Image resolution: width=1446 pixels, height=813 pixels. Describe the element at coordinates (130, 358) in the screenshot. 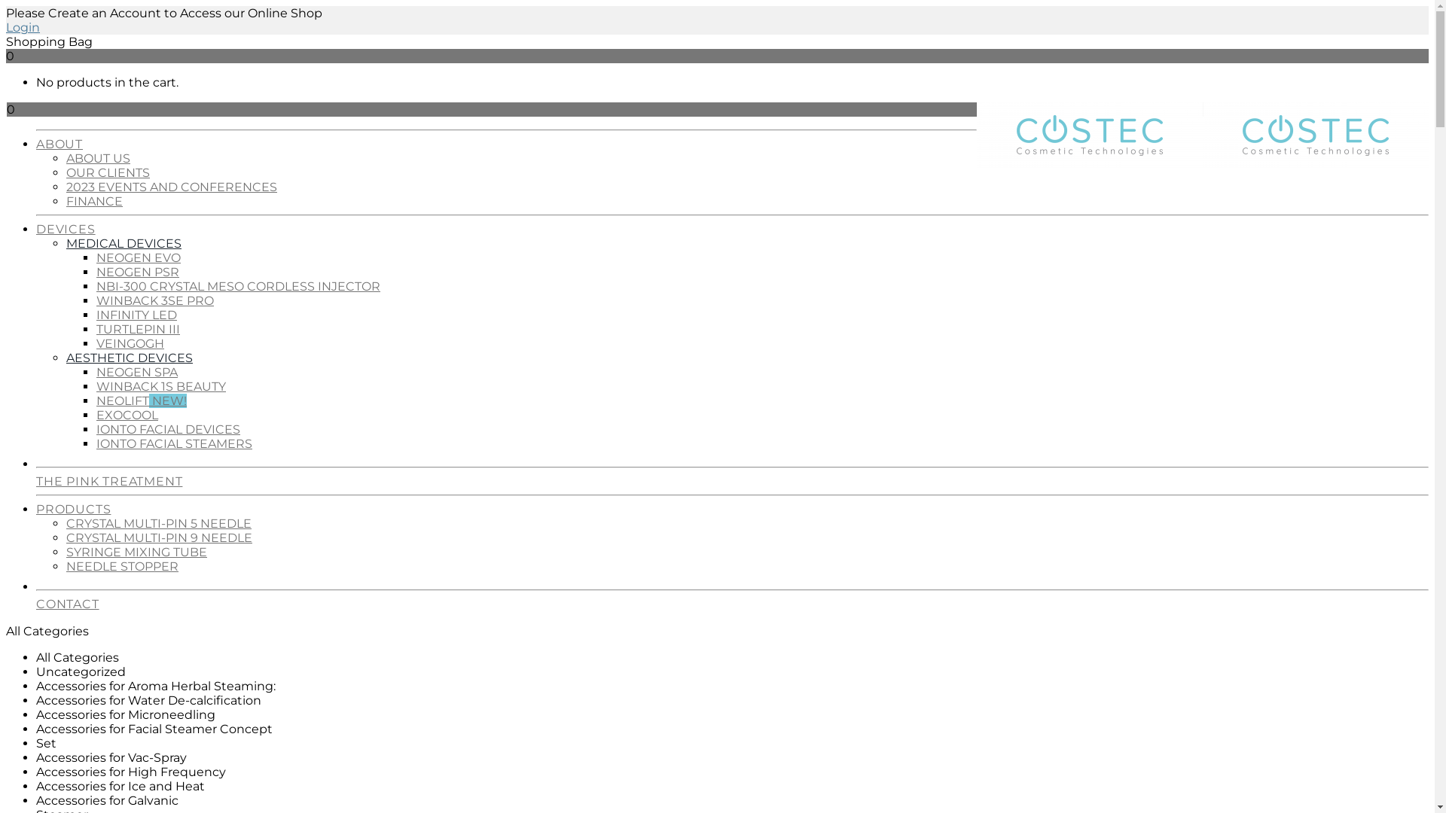

I see `'AESTHETIC DEVICES'` at that location.